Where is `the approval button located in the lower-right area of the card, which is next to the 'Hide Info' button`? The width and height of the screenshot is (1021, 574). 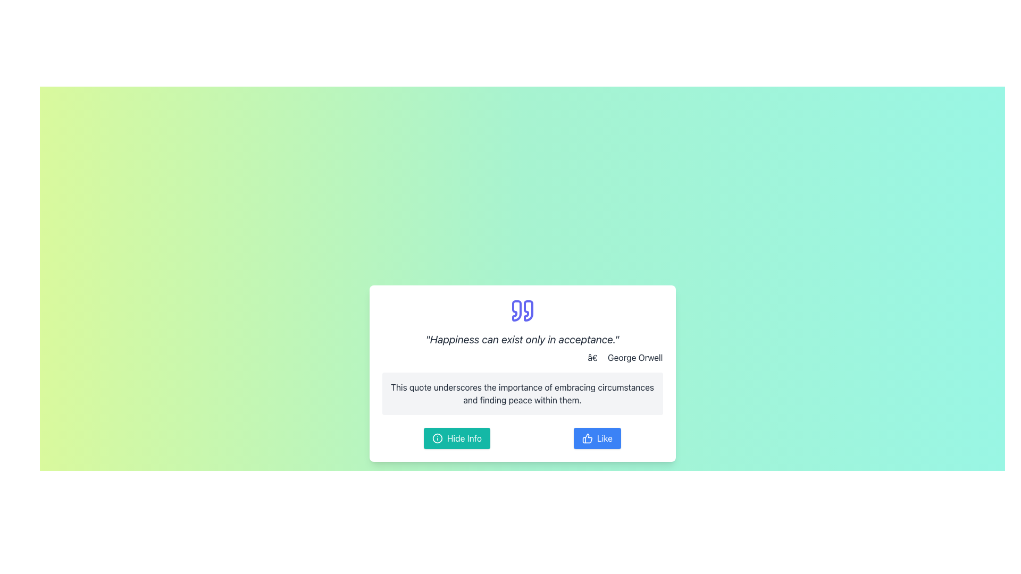
the approval button located in the lower-right area of the card, which is next to the 'Hide Info' button is located at coordinates (597, 438).